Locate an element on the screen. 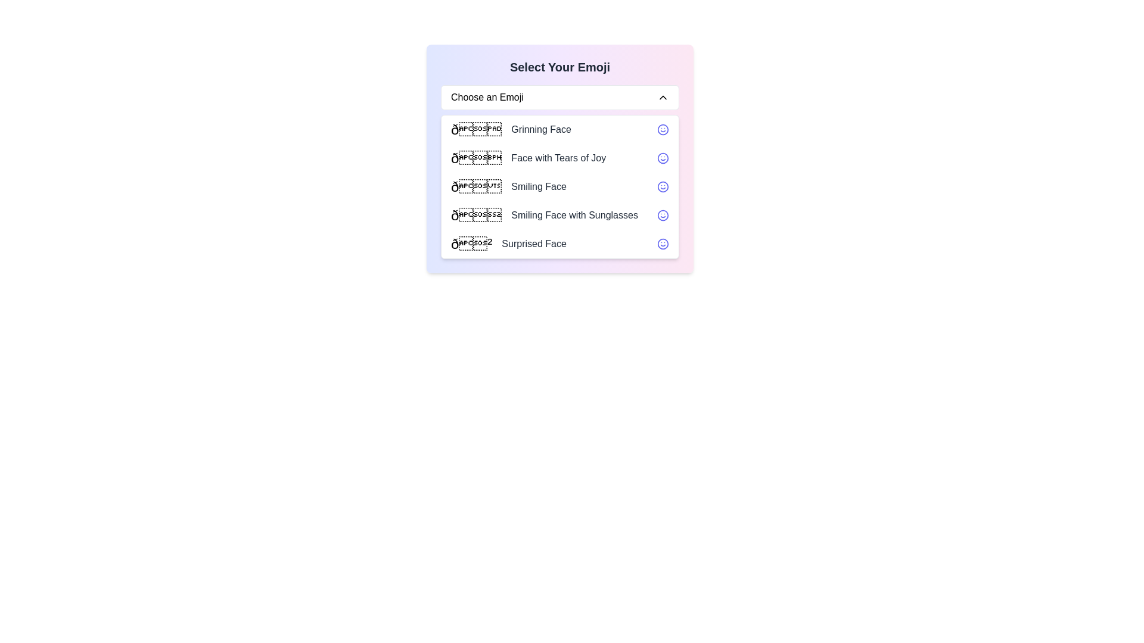  the static text label 'Smiling Face' located next to its corresponding emoji symbol within the emoji selector interface is located at coordinates (538, 186).